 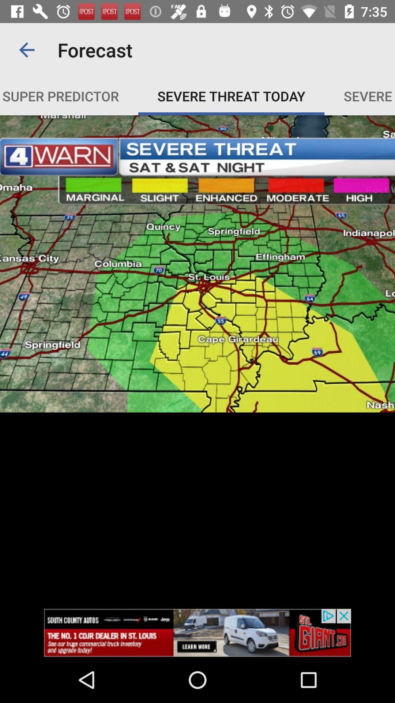 I want to click on advertisement website, so click(x=197, y=632).